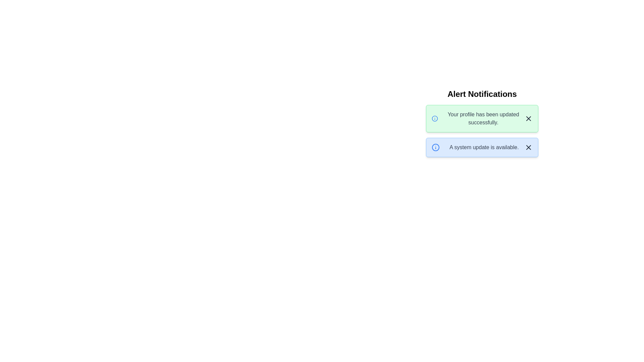 Image resolution: width=644 pixels, height=362 pixels. I want to click on the outer circular part of the informational icon located inside the green notification box titled 'Your profile has been updated successfully.', so click(435, 118).